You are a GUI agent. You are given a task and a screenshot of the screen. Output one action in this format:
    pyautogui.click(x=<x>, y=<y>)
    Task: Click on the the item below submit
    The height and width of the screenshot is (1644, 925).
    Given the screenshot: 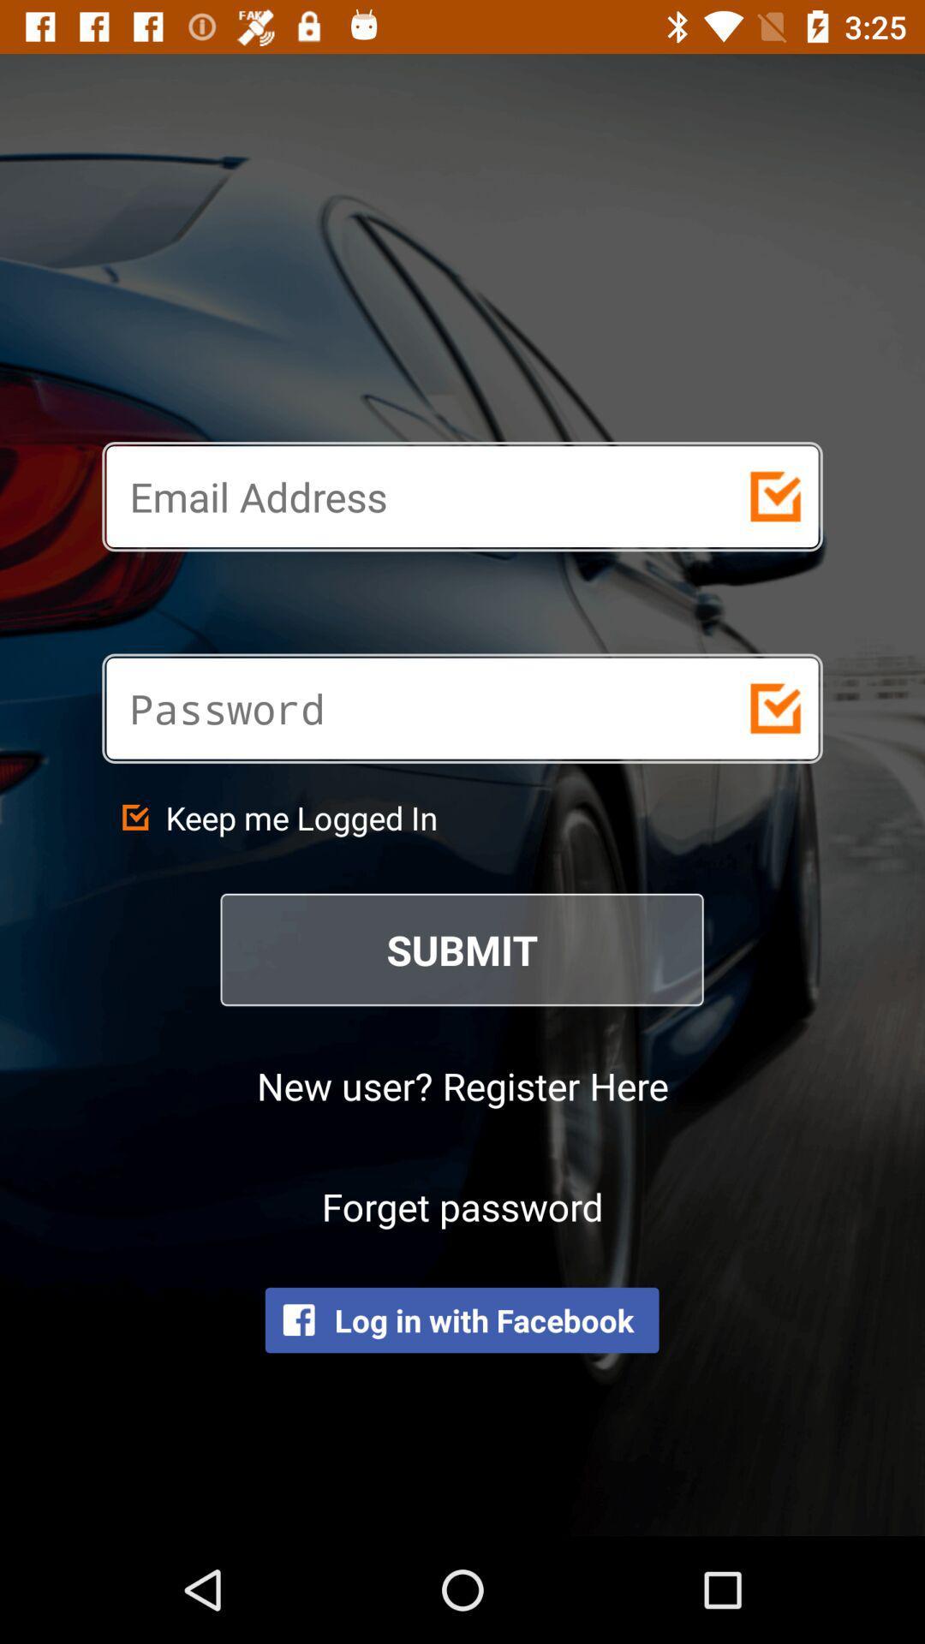 What is the action you would take?
    pyautogui.click(x=462, y=1084)
    